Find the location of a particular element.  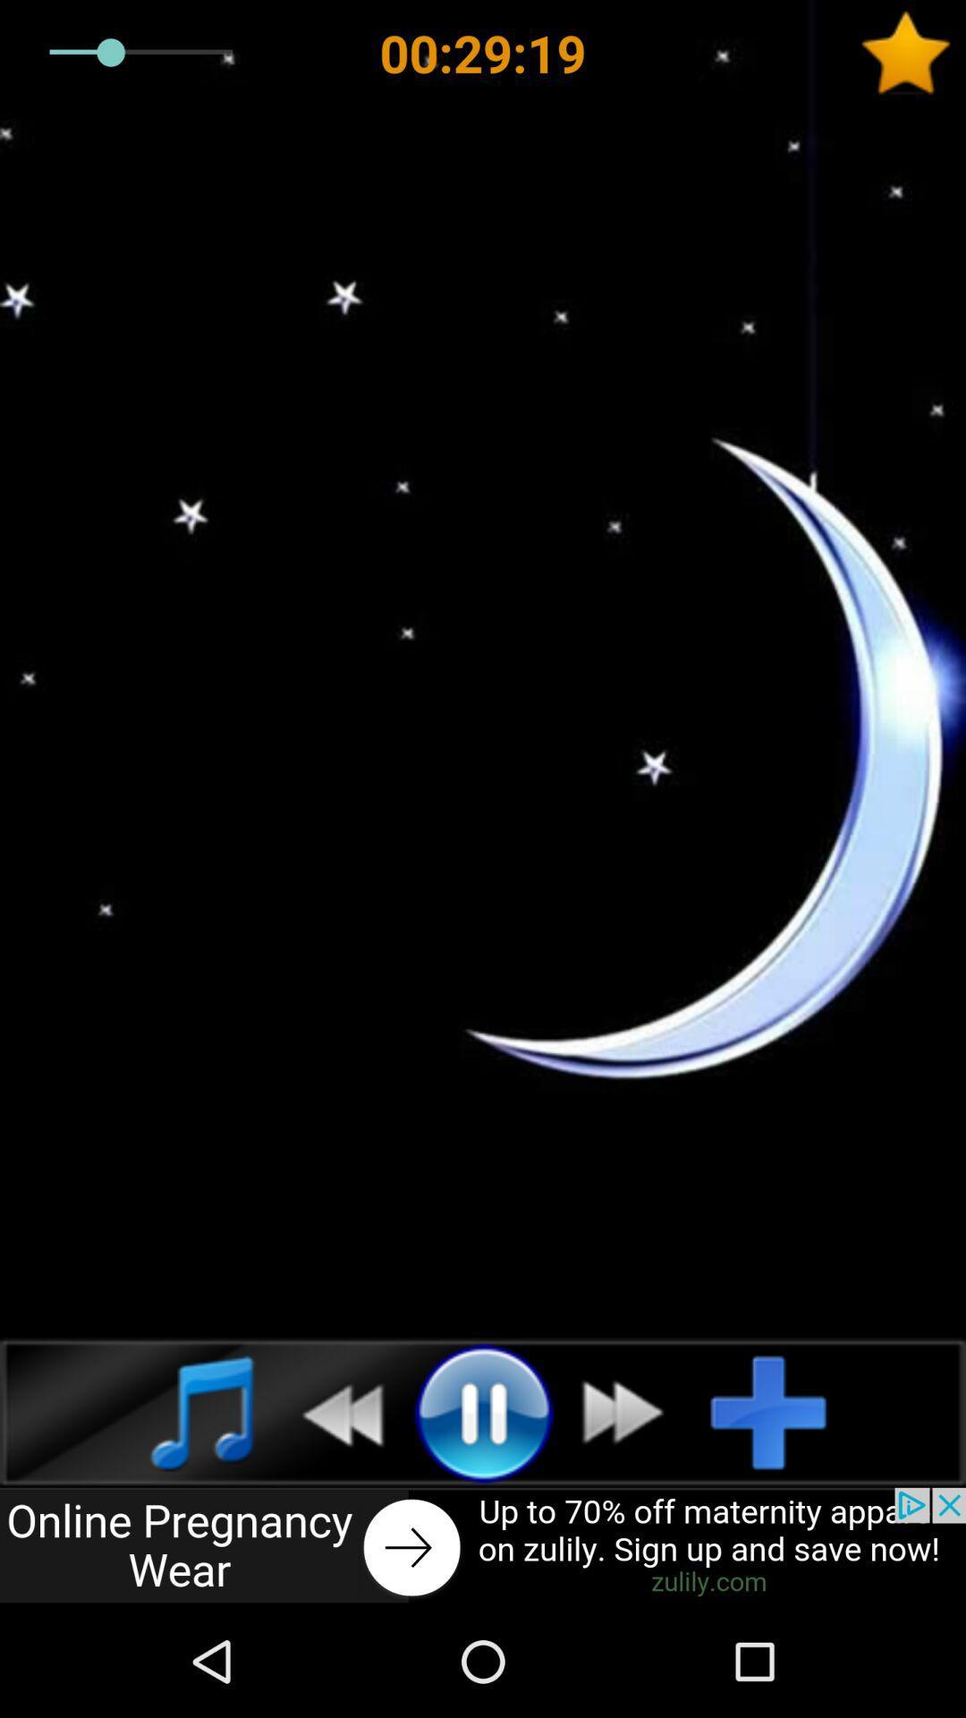

open music is located at coordinates (182, 1411).